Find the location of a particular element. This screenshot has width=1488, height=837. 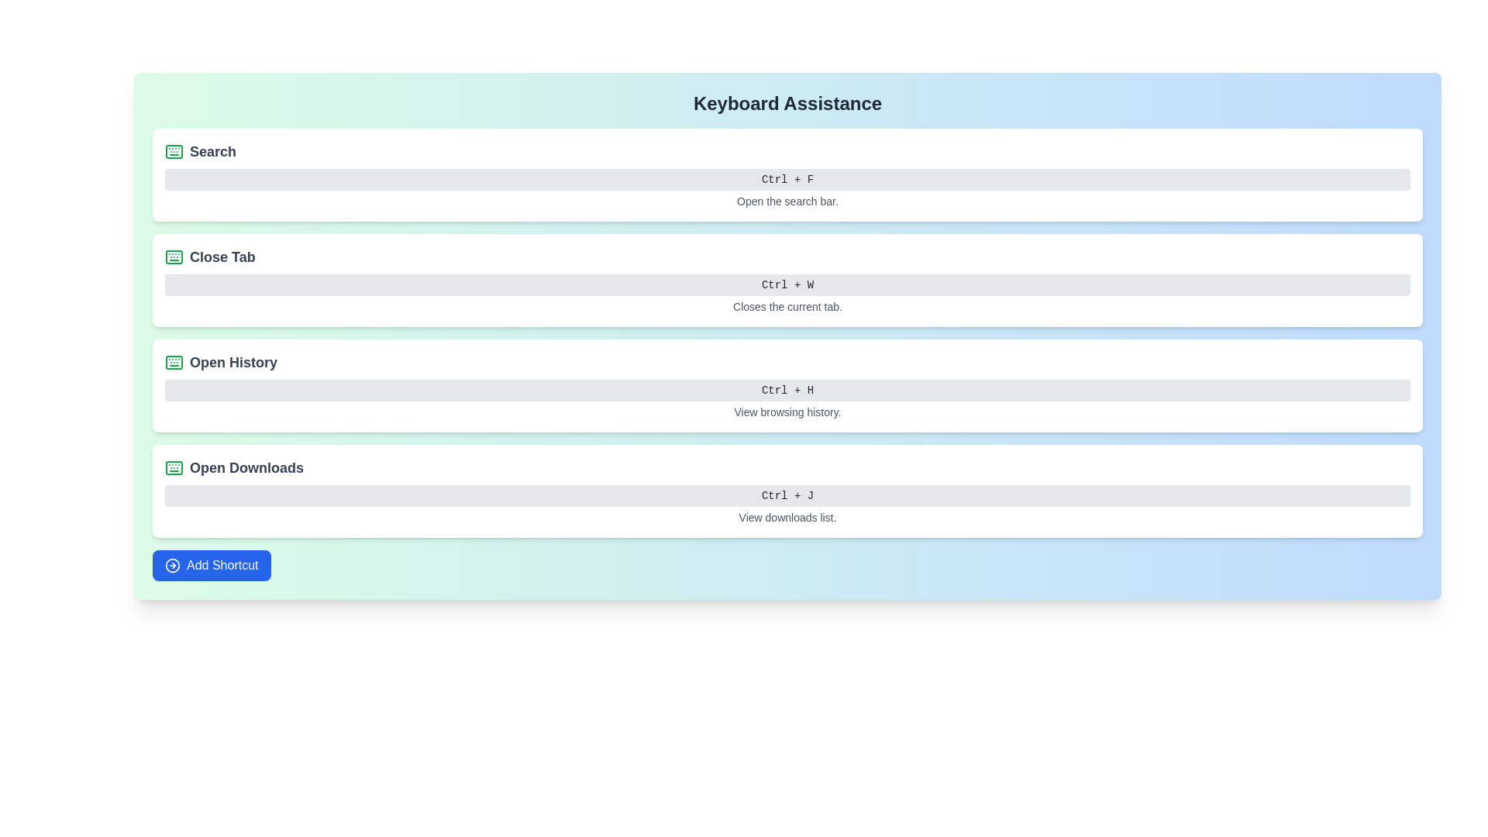

the label that provides additional instructions for the 'Search' functionality, located below the shortcut description 'Ctrl + F' in the first card-like section under 'Keyboard Assistance' is located at coordinates (787, 200).